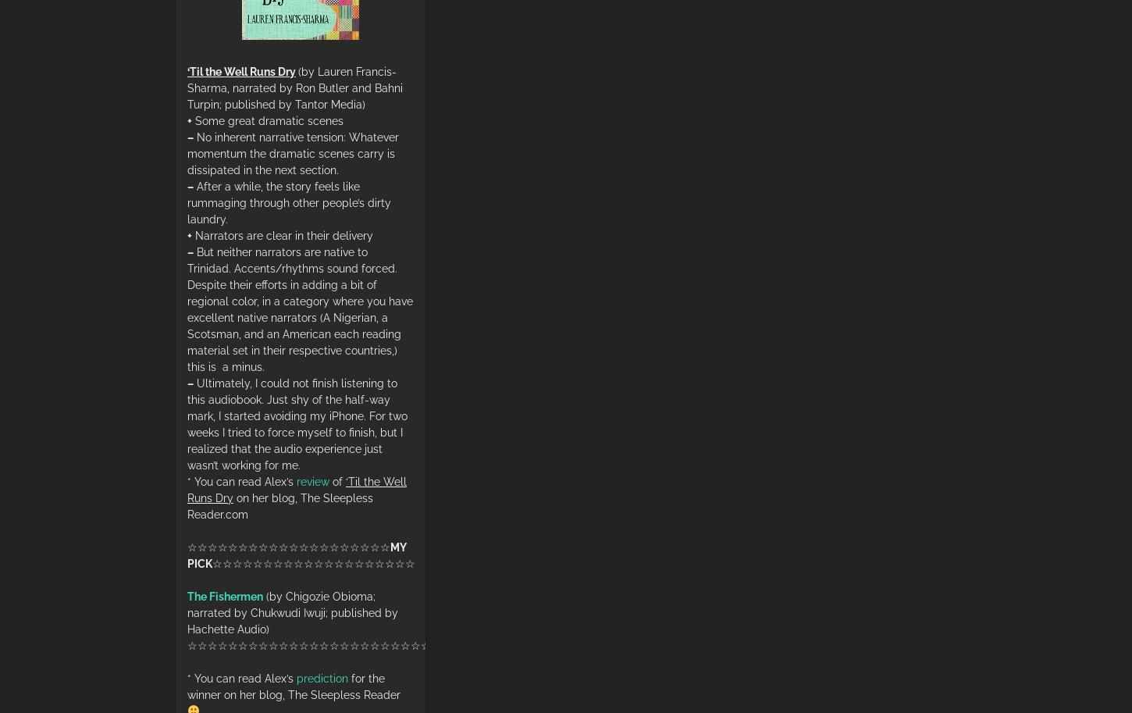 The height and width of the screenshot is (713, 1132). Describe the element at coordinates (242, 482) in the screenshot. I see `'* You can read Alex’s'` at that location.